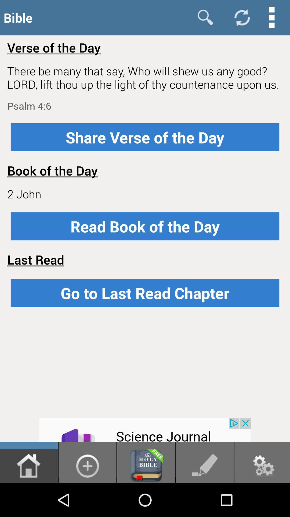 This screenshot has width=290, height=517. Describe the element at coordinates (29, 498) in the screenshot. I see `the home icon` at that location.